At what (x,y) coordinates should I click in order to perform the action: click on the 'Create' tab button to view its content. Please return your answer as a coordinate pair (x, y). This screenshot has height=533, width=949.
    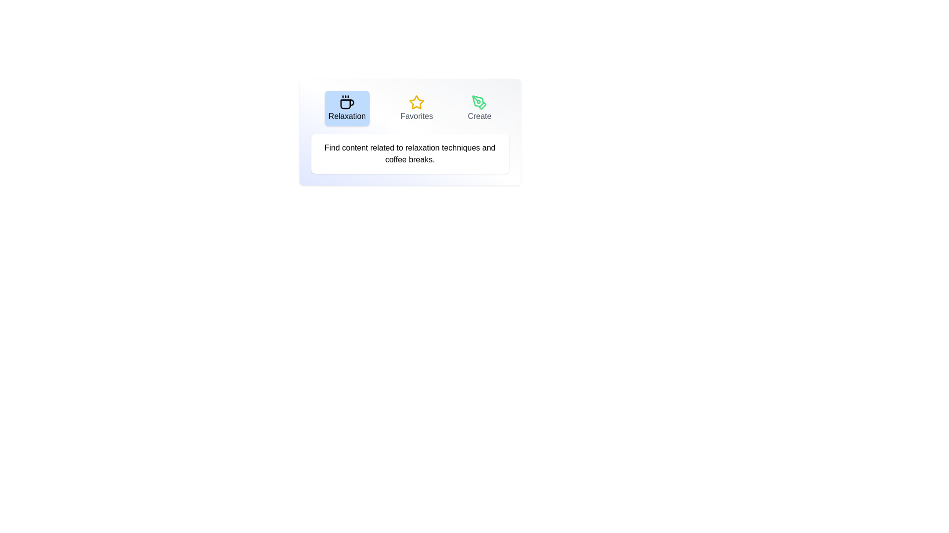
    Looking at the image, I should click on (479, 108).